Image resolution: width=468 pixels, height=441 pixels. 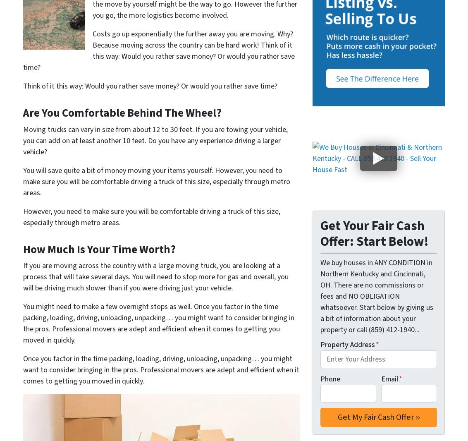 I want to click on 'Pleasant Ridge', so click(x=392, y=141).